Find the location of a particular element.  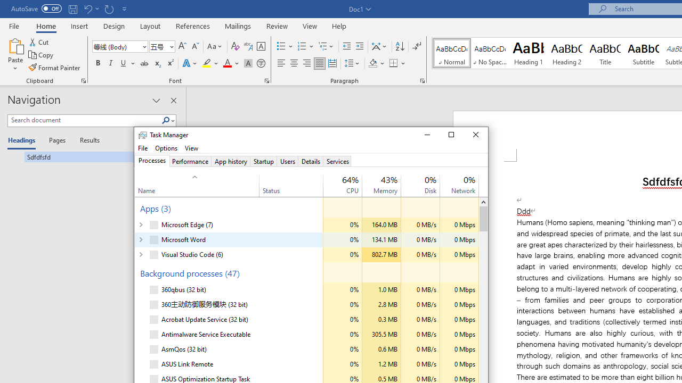

'Users' is located at coordinates (288, 161).